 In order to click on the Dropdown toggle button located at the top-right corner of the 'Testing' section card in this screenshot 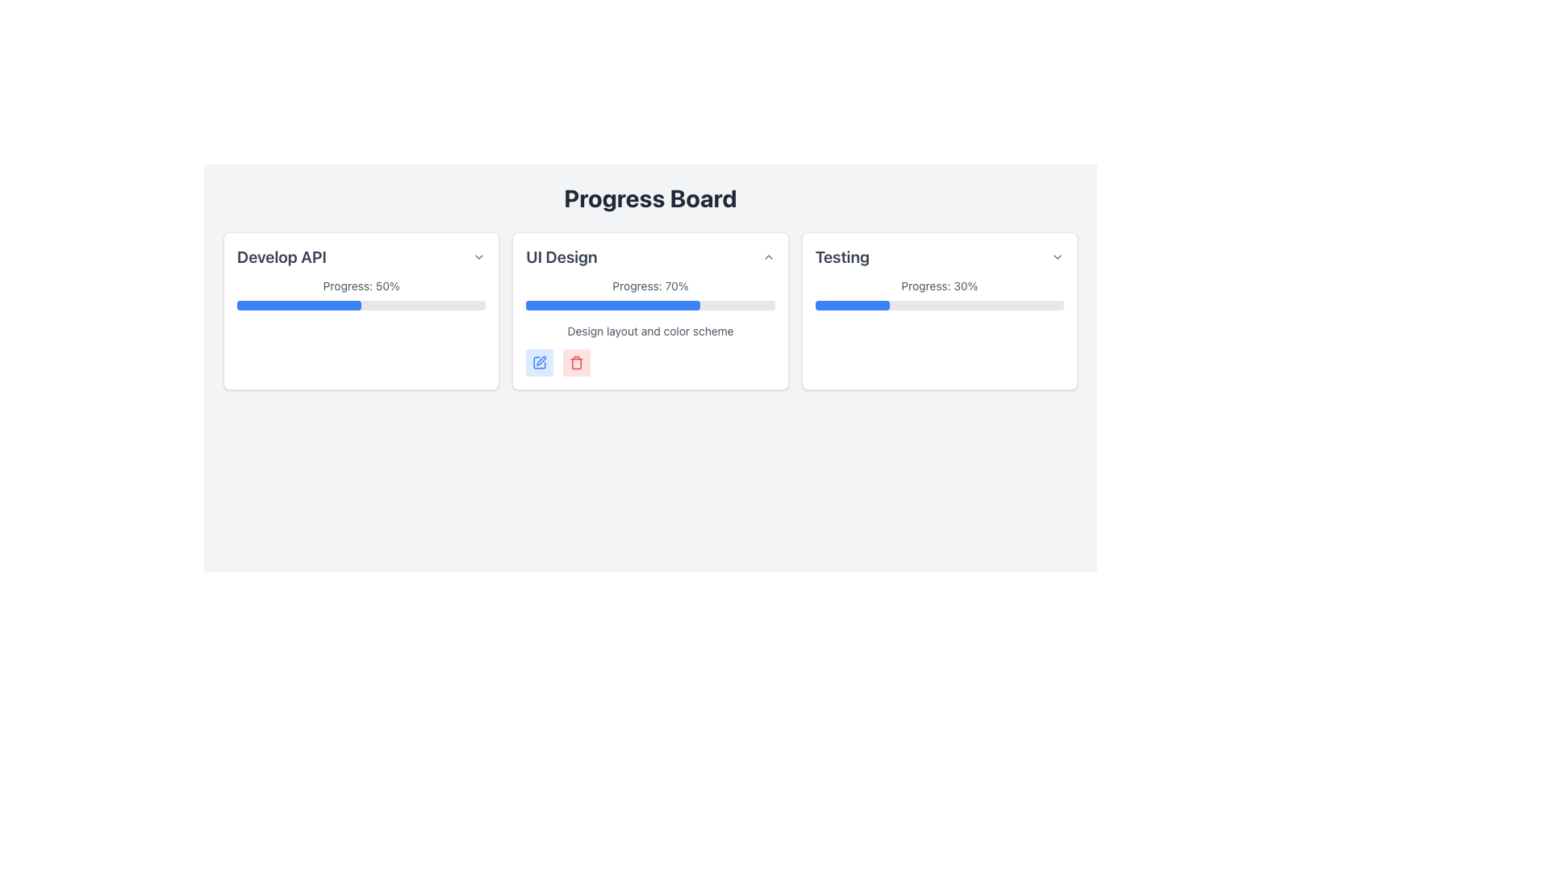, I will do `click(1057, 256)`.